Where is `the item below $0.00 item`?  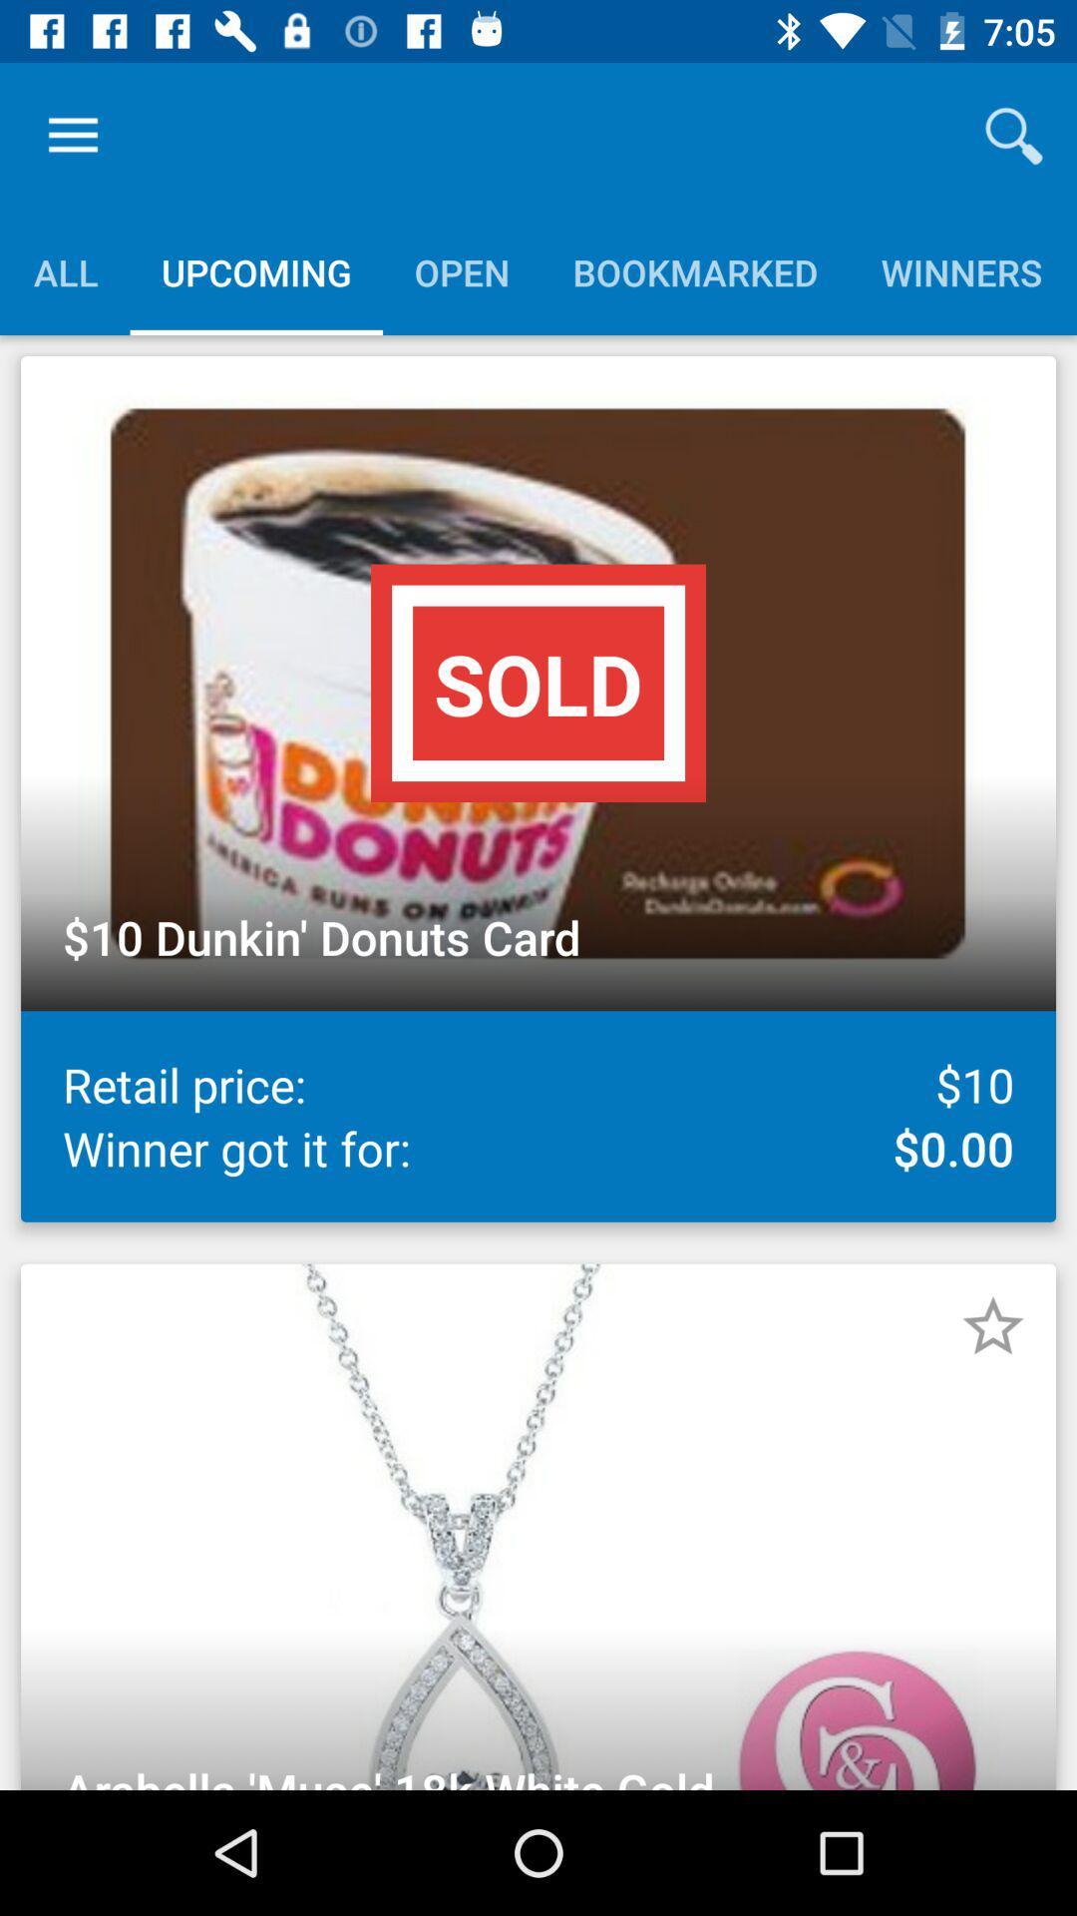 the item below $0.00 item is located at coordinates (992, 1326).